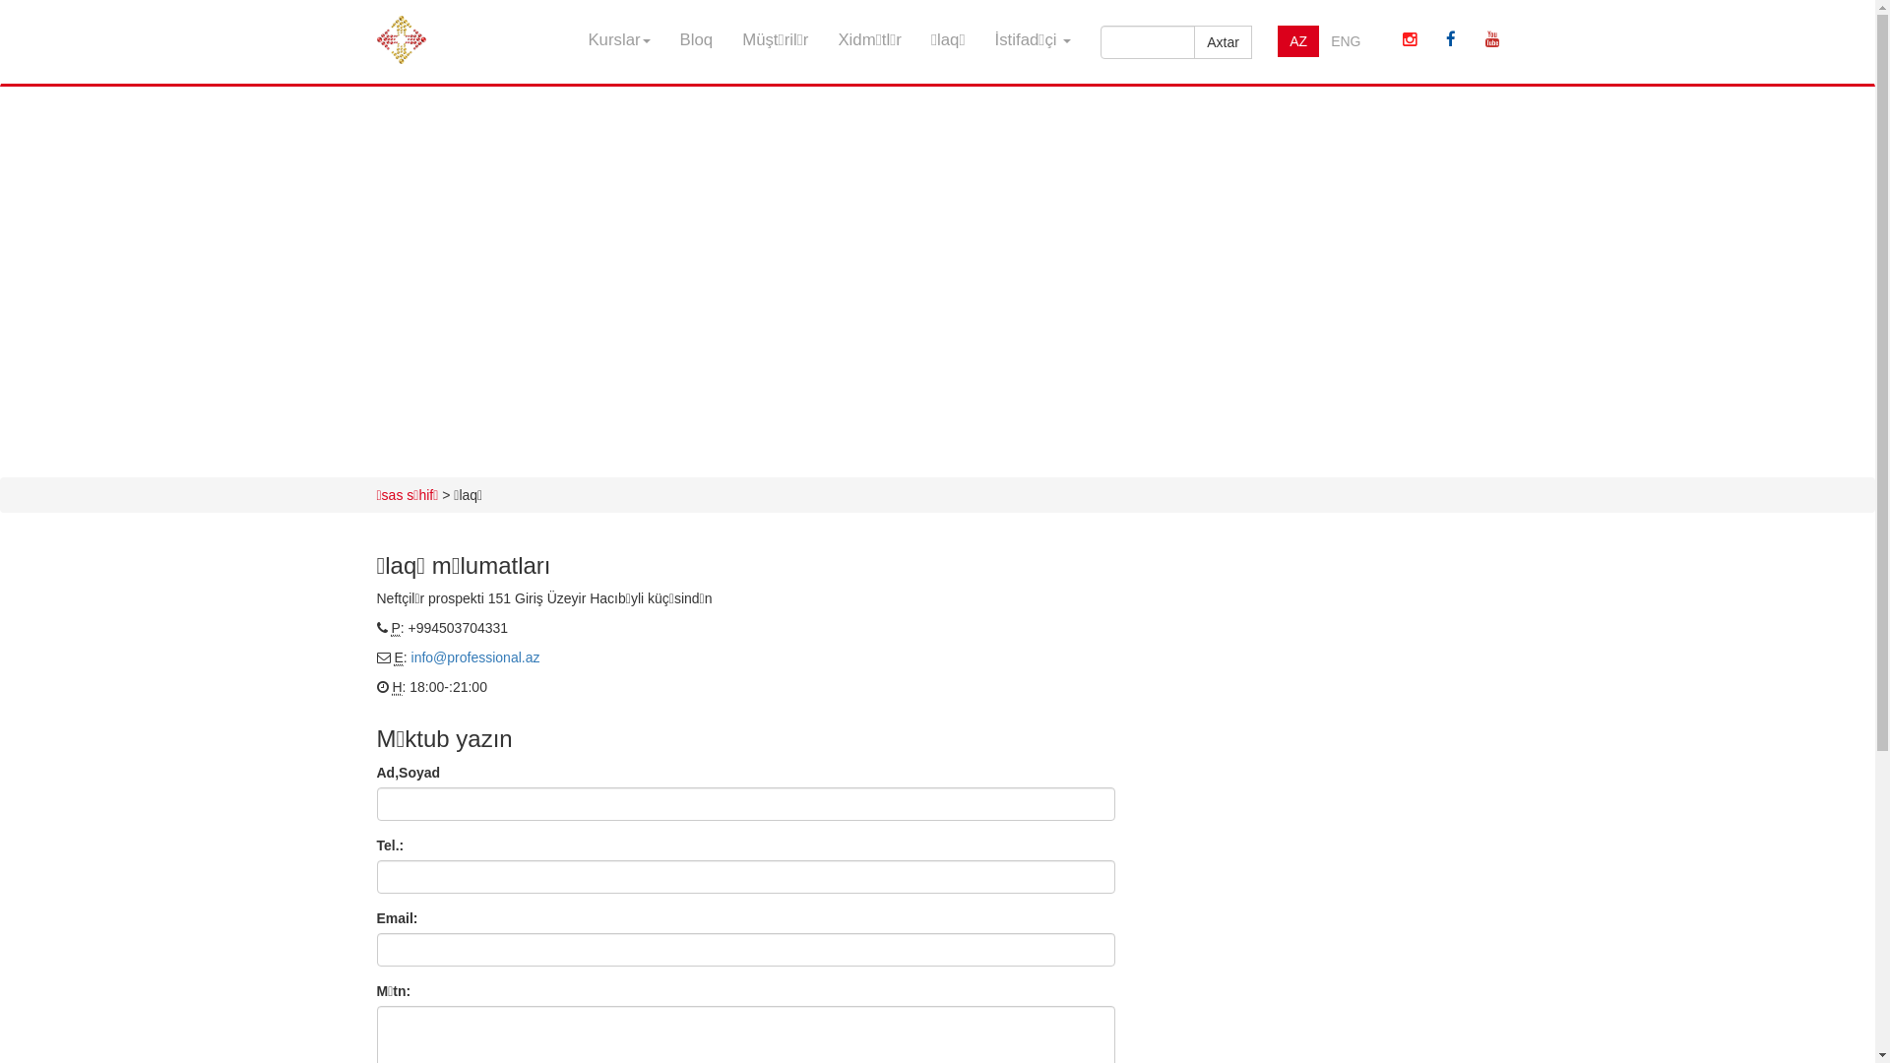 The width and height of the screenshot is (1890, 1063). What do you see at coordinates (1222, 41) in the screenshot?
I see `' Axtar '` at bounding box center [1222, 41].